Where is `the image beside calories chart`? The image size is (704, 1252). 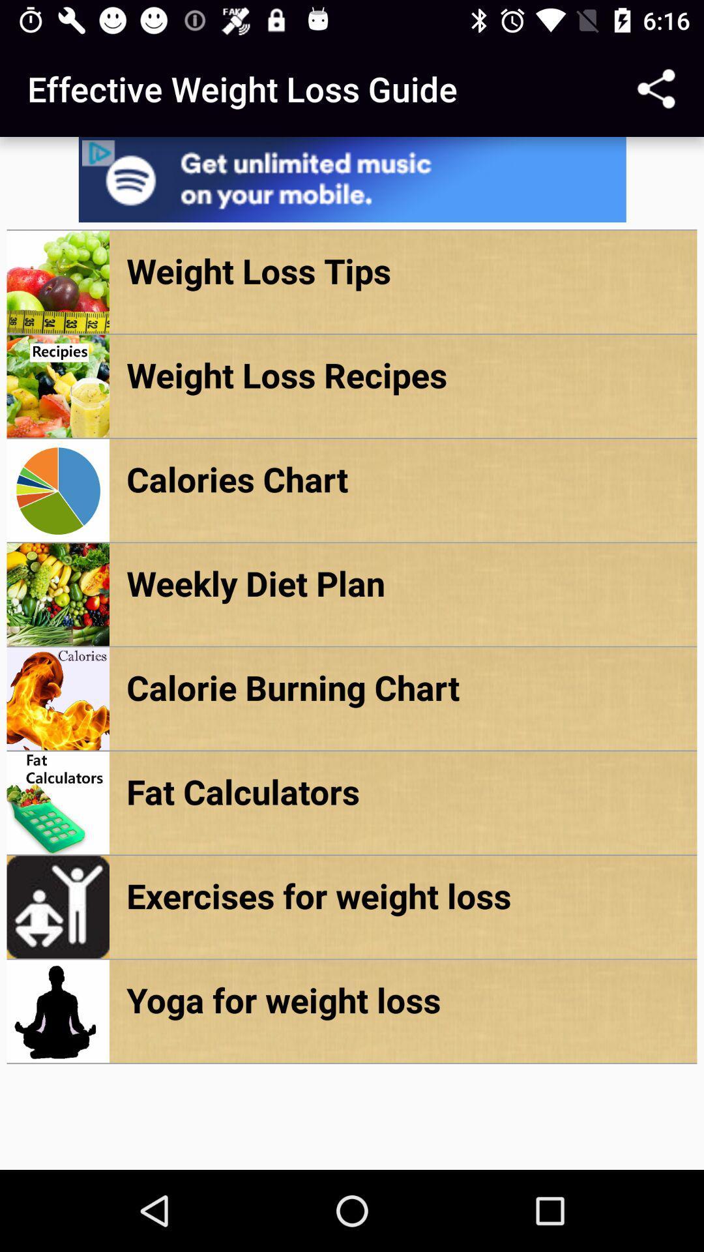 the image beside calories chart is located at coordinates (57, 490).